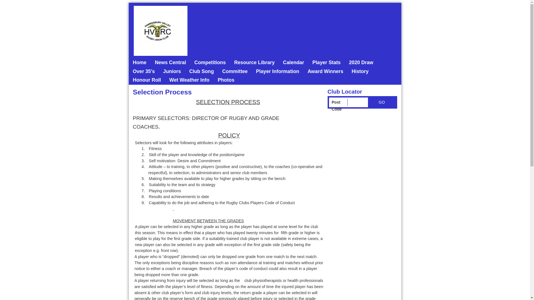 The width and height of the screenshot is (534, 300). Describe the element at coordinates (147, 80) in the screenshot. I see `'Honour Roll'` at that location.